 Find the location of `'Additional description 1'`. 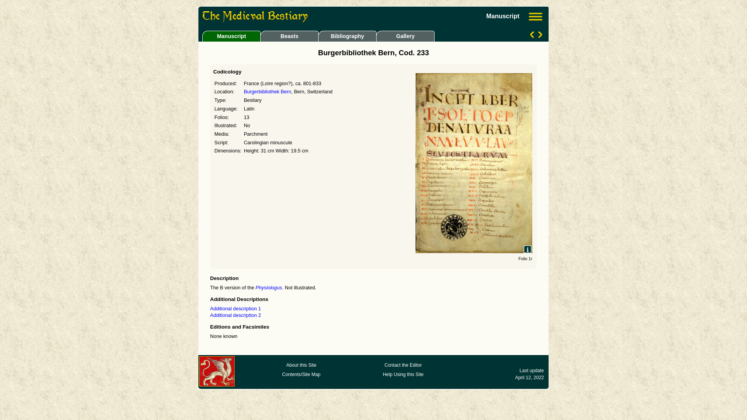

'Additional description 1' is located at coordinates (235, 308).